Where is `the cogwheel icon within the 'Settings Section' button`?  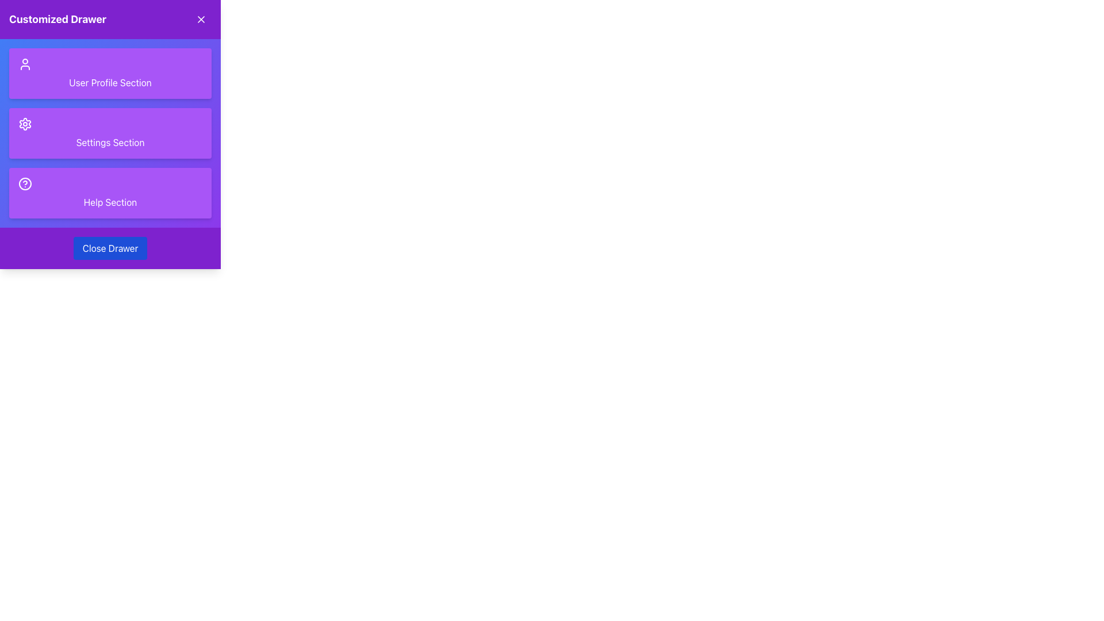
the cogwheel icon within the 'Settings Section' button is located at coordinates (25, 124).